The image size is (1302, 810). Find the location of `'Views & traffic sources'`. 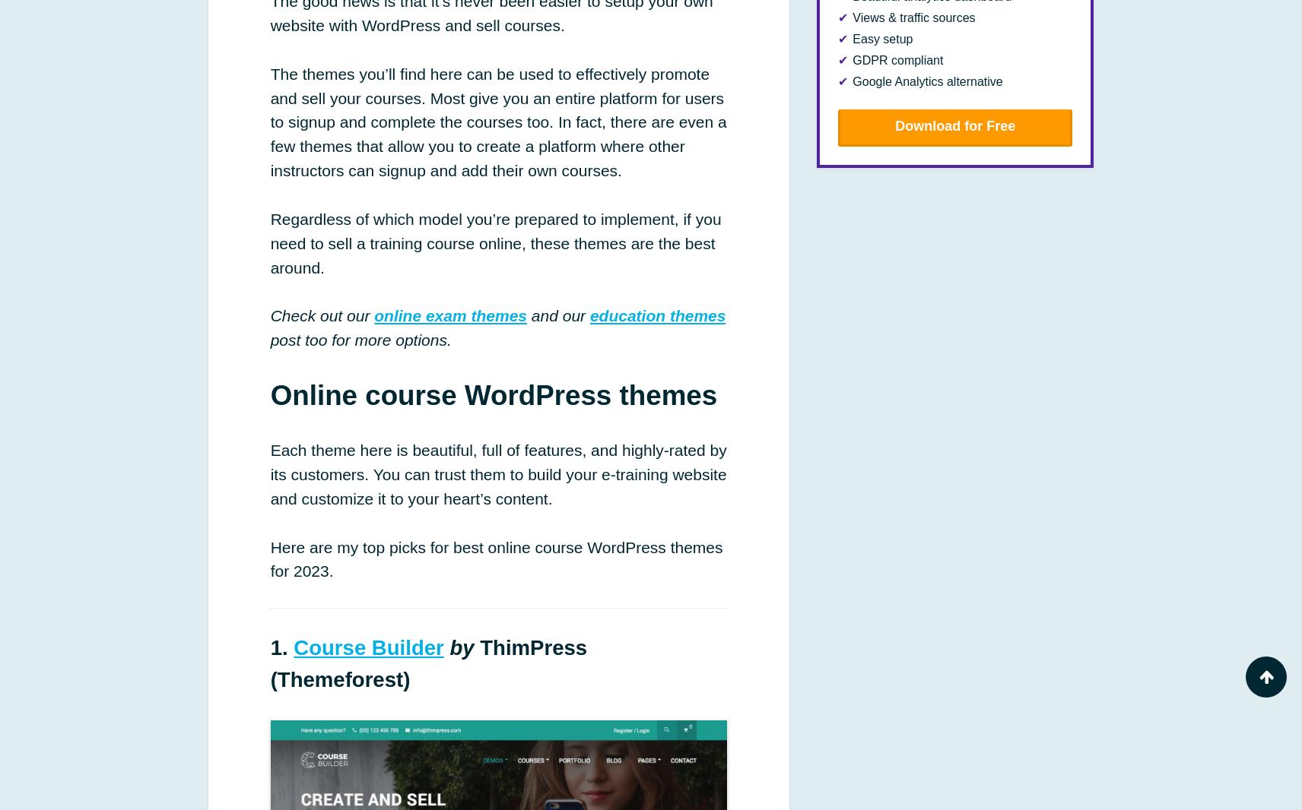

'Views & traffic sources' is located at coordinates (913, 16).